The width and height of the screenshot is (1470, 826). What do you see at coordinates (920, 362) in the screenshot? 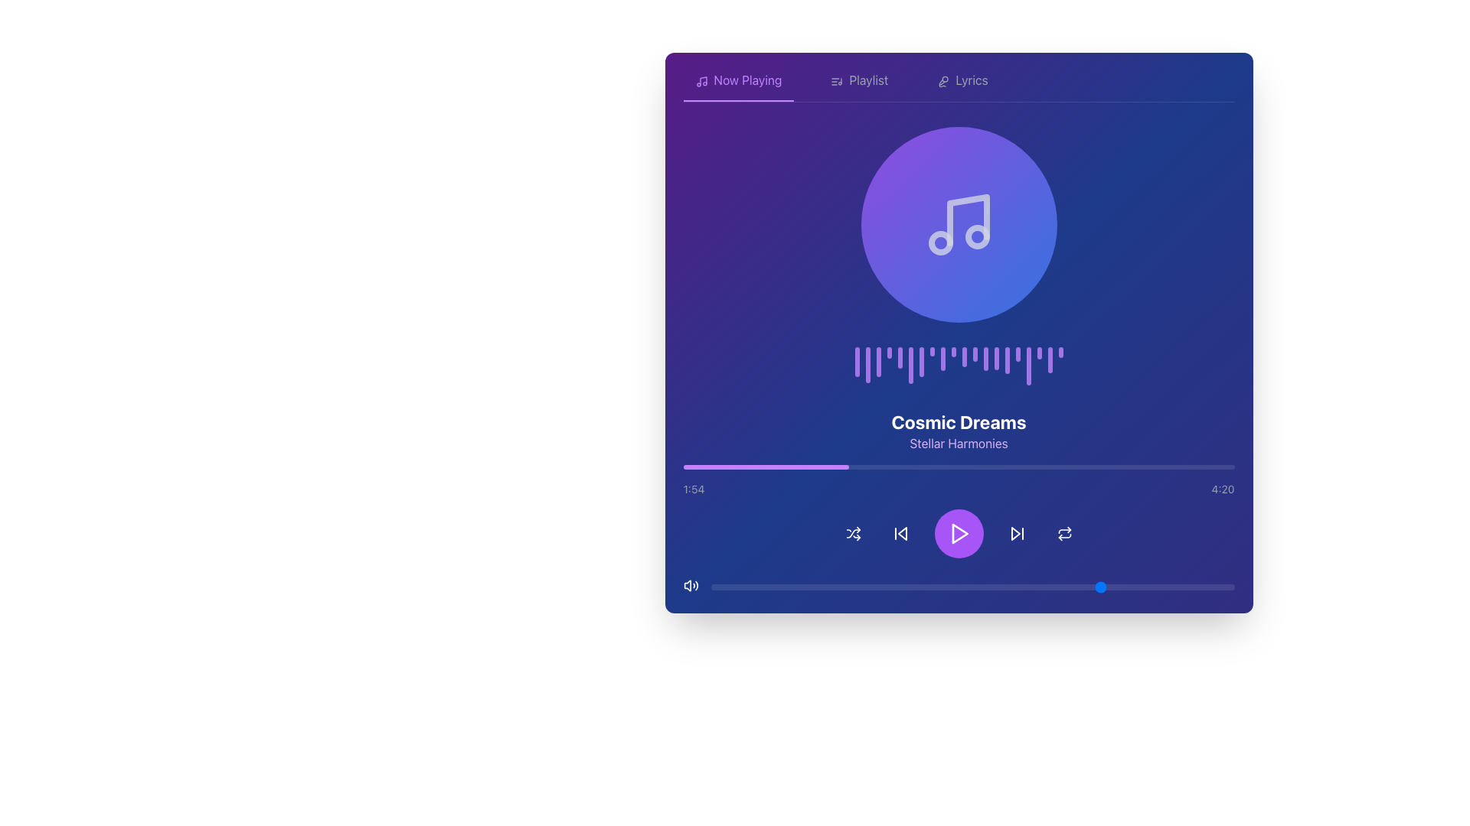
I see `the seventh vertical purple gradient progress bar in the music interface` at bounding box center [920, 362].